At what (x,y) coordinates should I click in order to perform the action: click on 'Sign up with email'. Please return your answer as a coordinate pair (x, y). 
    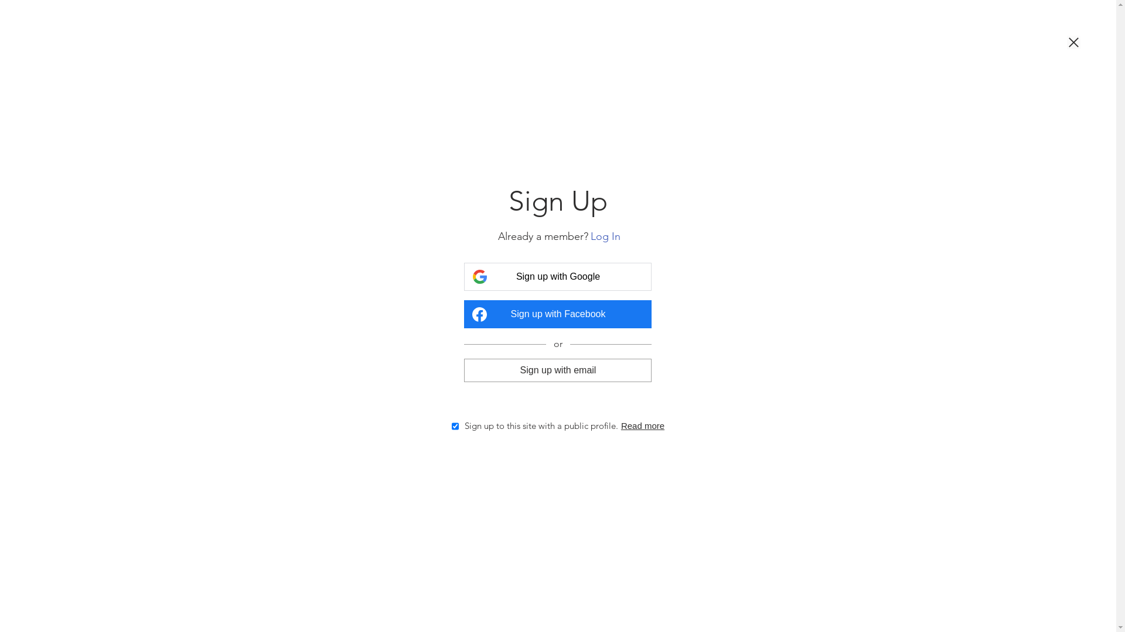
    Looking at the image, I should click on (557, 370).